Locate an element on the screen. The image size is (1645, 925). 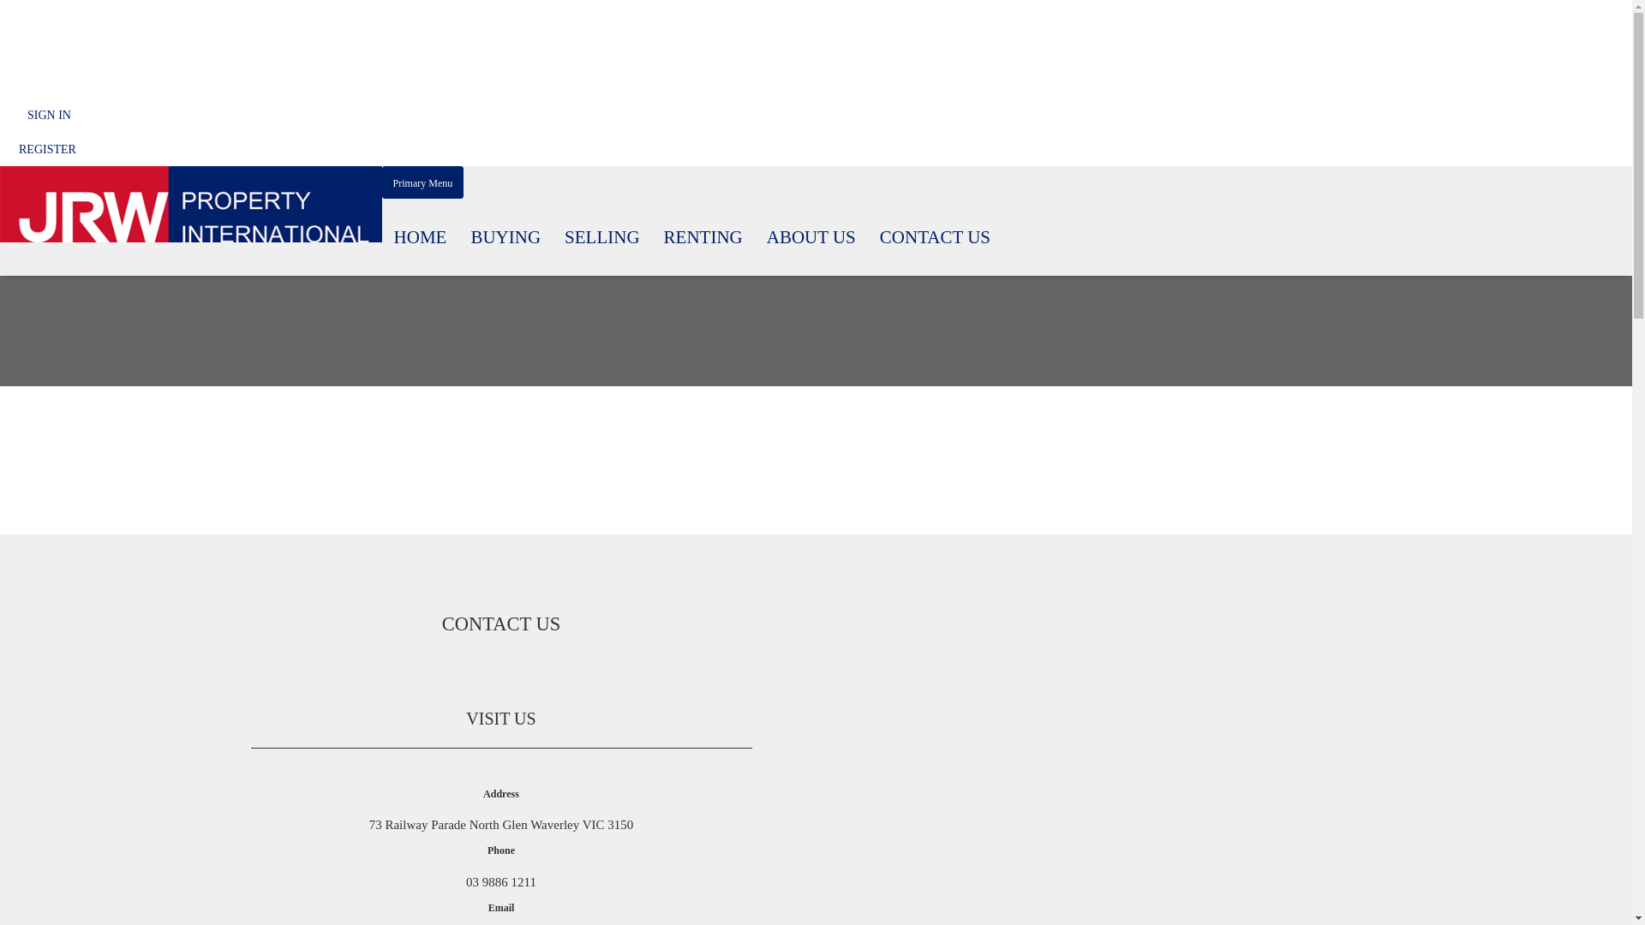
'HOME' is located at coordinates (420, 237).